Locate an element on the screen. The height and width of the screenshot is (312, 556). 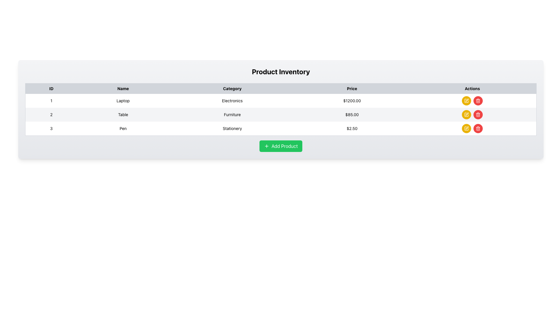
the small circular button with a yellow background and a white pen icon in the 'Actions' column of the second row in the table is located at coordinates (467, 115).